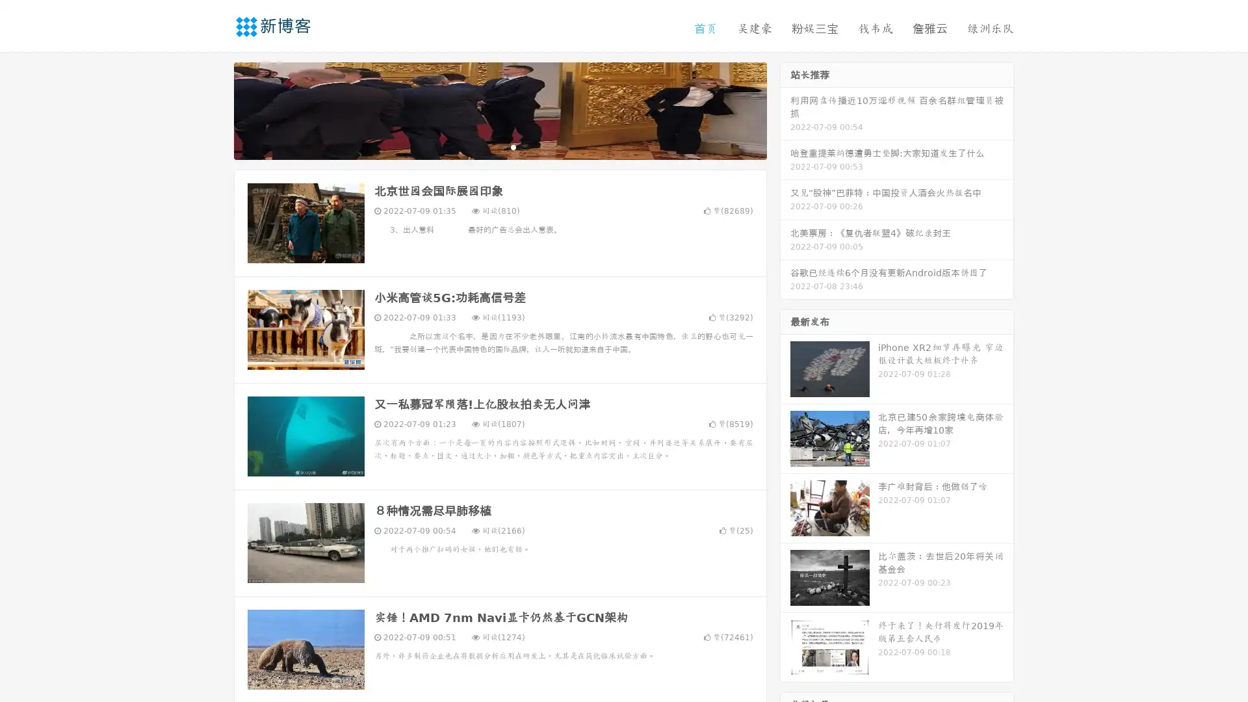  What do you see at coordinates (486, 146) in the screenshot?
I see `Go to slide 1` at bounding box center [486, 146].